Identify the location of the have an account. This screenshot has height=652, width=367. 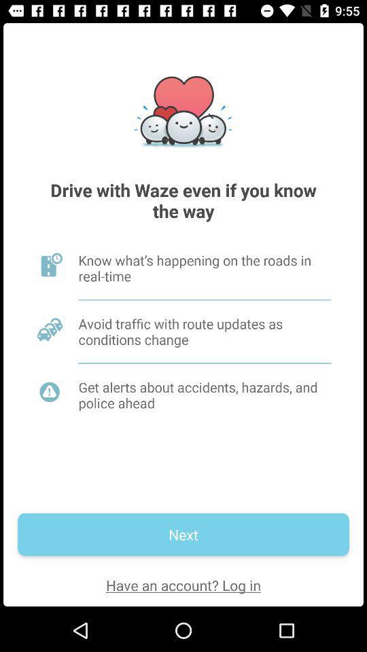
(183, 584).